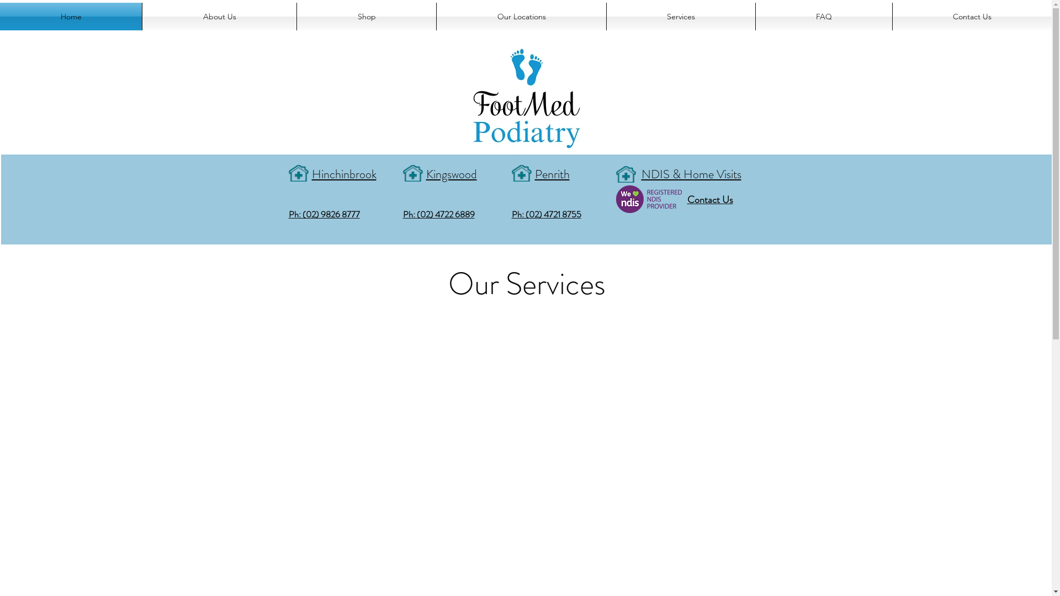  Describe the element at coordinates (54, 11) in the screenshot. I see `'Home'` at that location.